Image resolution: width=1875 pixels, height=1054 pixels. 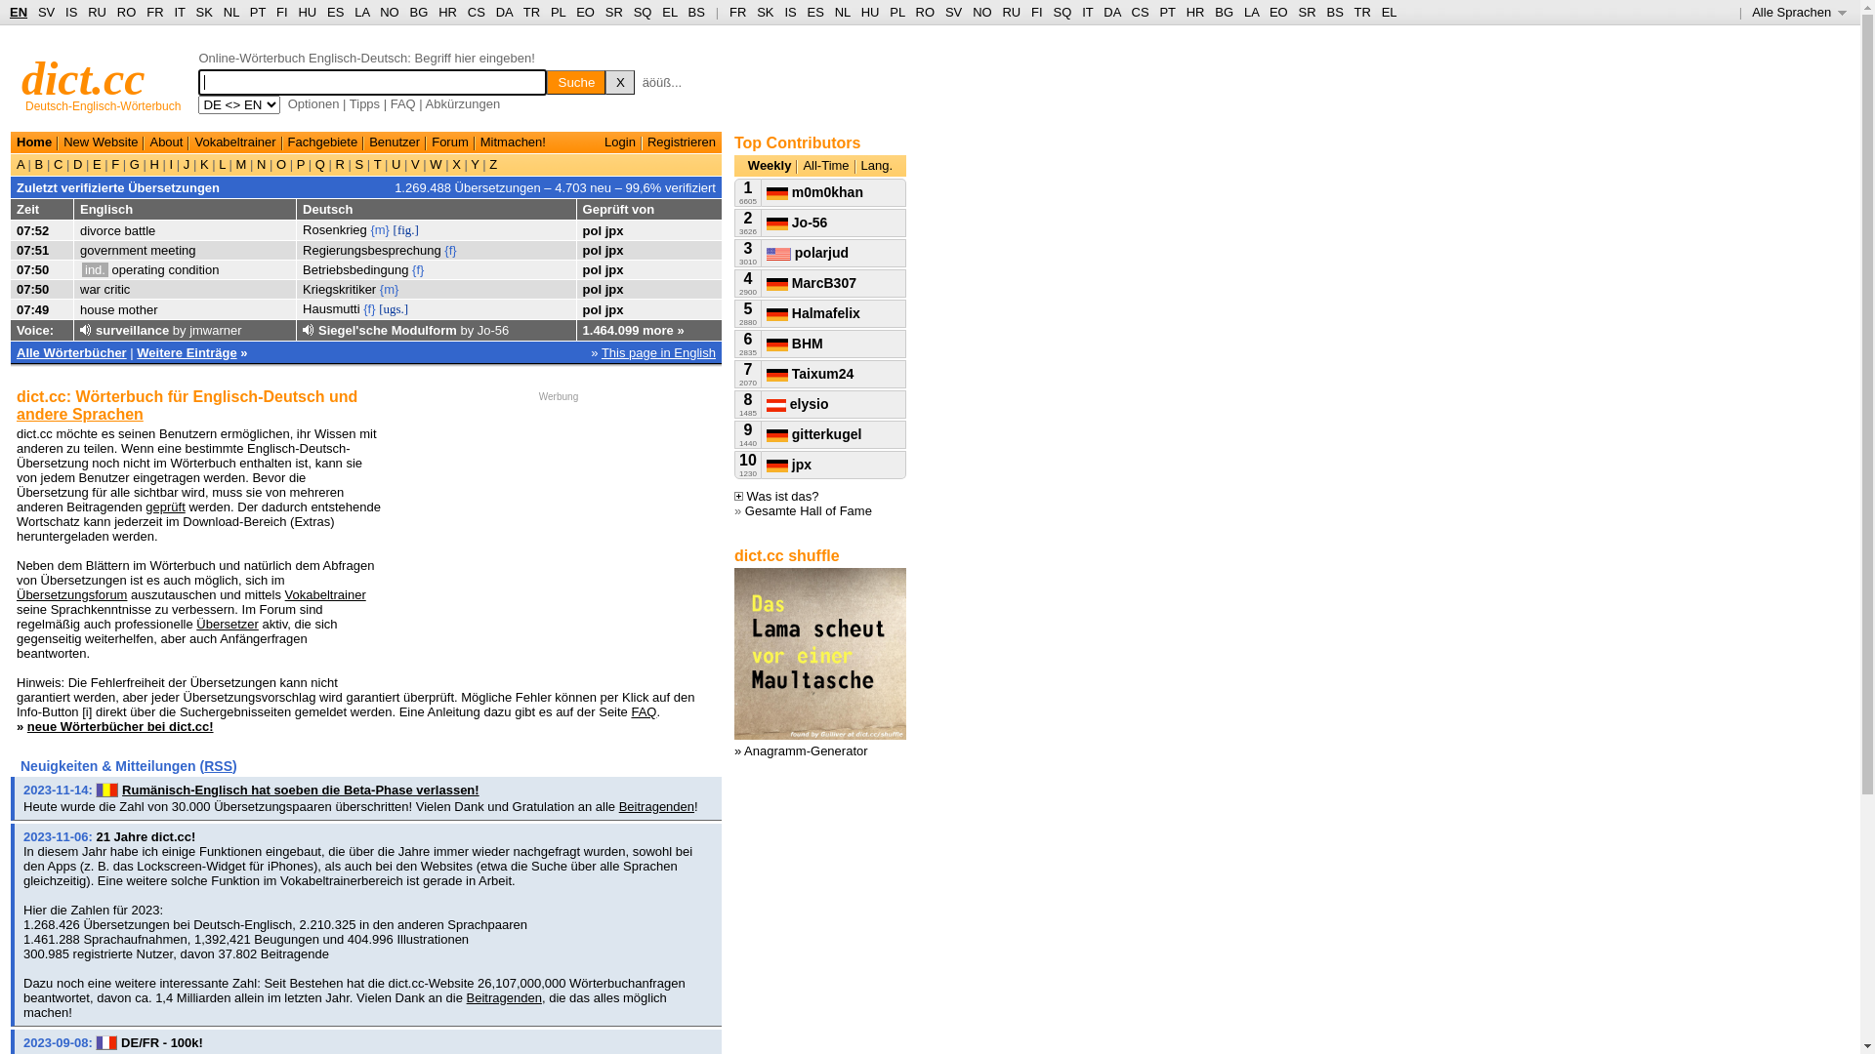 I want to click on 'gitterkugel', so click(x=813, y=432).